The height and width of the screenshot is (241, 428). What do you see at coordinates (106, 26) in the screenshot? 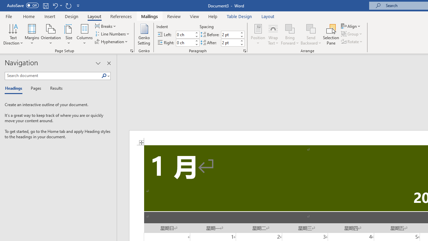
I see `'Breaks'` at bounding box center [106, 26].